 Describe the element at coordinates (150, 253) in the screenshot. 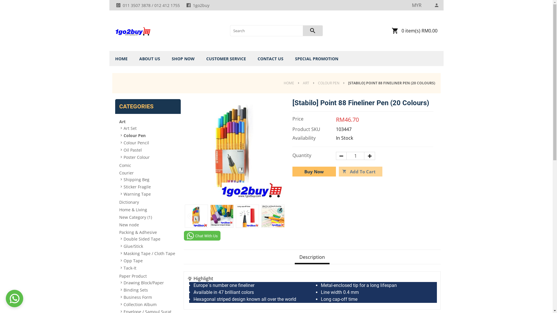

I see `'Masking Tape / Cloth Tape'` at that location.